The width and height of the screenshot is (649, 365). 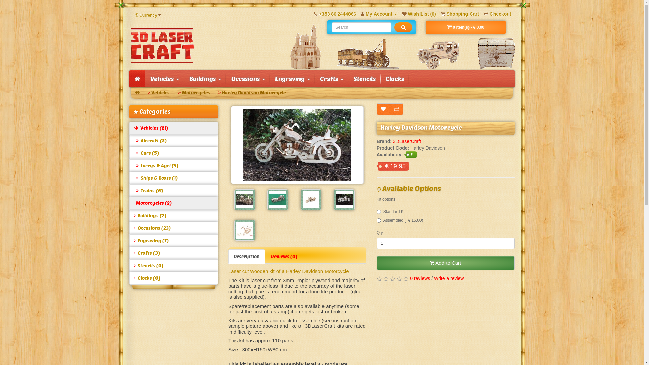 What do you see at coordinates (332, 78) in the screenshot?
I see `'Crafts  '` at bounding box center [332, 78].